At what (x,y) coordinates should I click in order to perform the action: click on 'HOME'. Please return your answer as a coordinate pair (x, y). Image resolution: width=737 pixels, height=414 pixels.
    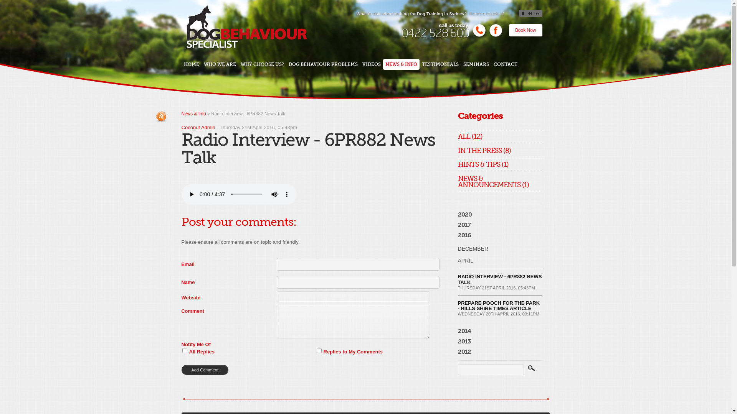
    Looking at the image, I should click on (191, 64).